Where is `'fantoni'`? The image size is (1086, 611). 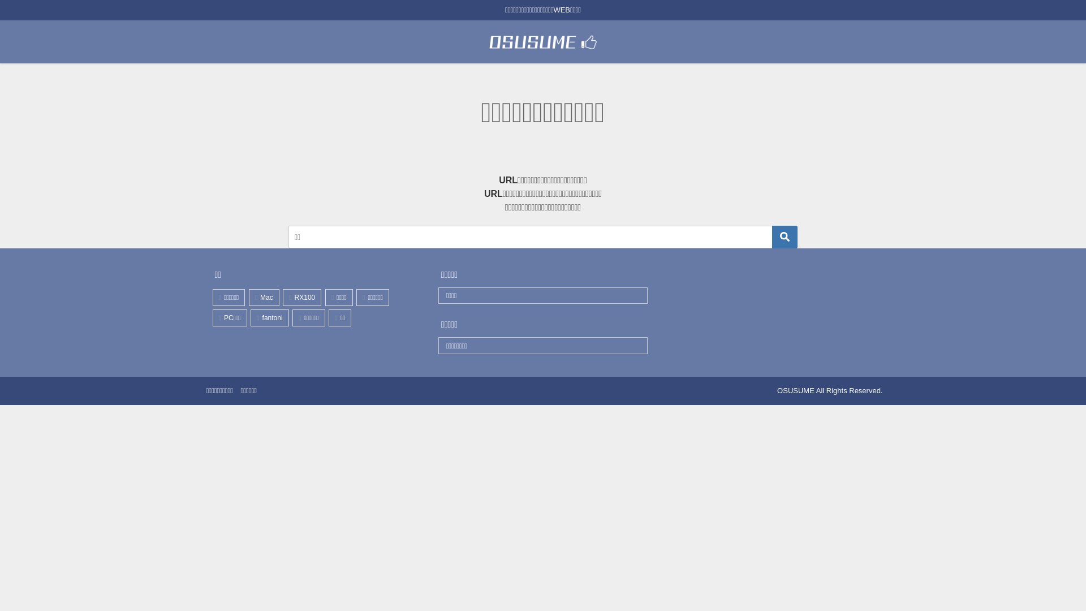
'fantoni' is located at coordinates (269, 317).